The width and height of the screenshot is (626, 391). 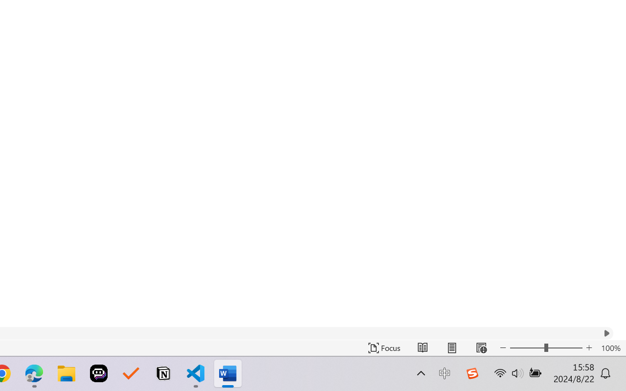 I want to click on 'Focus ', so click(x=384, y=348).